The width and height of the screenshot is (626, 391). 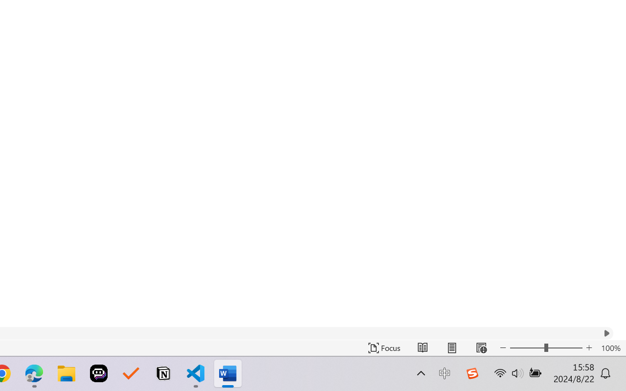 I want to click on 'Focus ', so click(x=384, y=348).